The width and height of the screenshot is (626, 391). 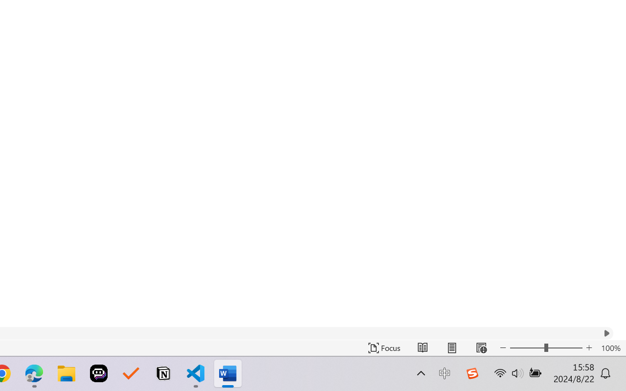 I want to click on 'Focus ', so click(x=384, y=348).